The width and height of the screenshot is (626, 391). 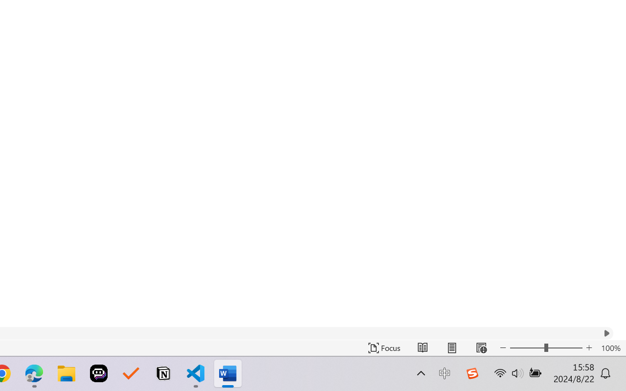 I want to click on 'Focus ', so click(x=384, y=348).